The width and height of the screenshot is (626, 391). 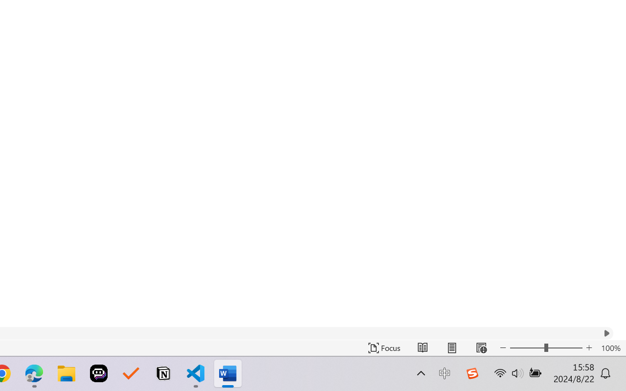 I want to click on 'Focus ', so click(x=384, y=348).